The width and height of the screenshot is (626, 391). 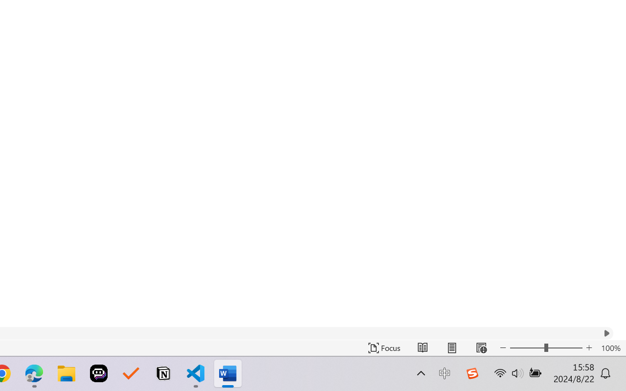 I want to click on 'Focus ', so click(x=384, y=348).